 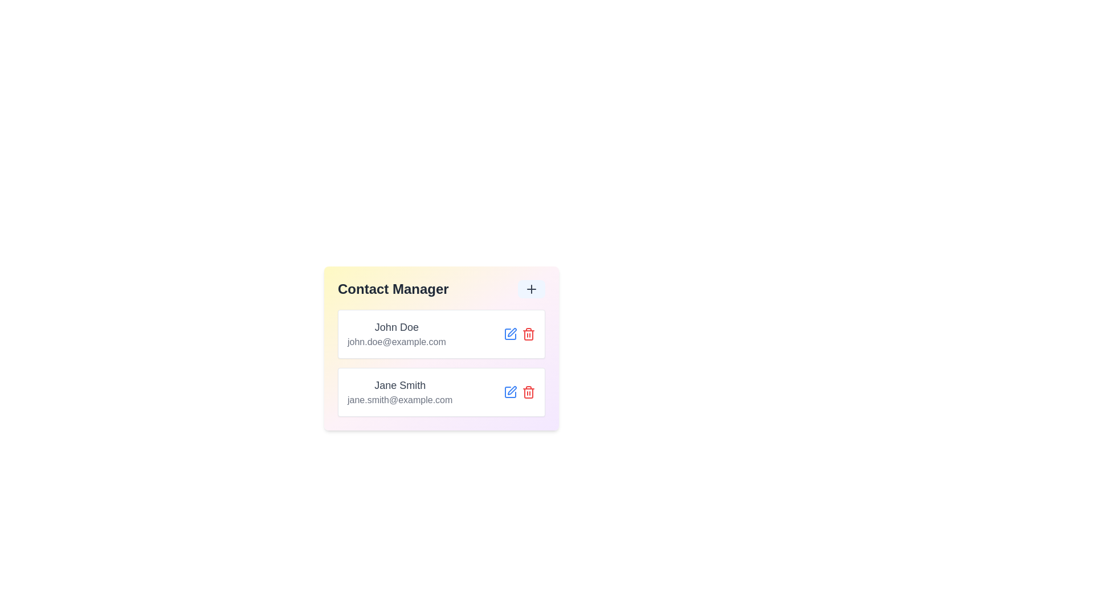 I want to click on '+' button to add a new contact, so click(x=530, y=289).